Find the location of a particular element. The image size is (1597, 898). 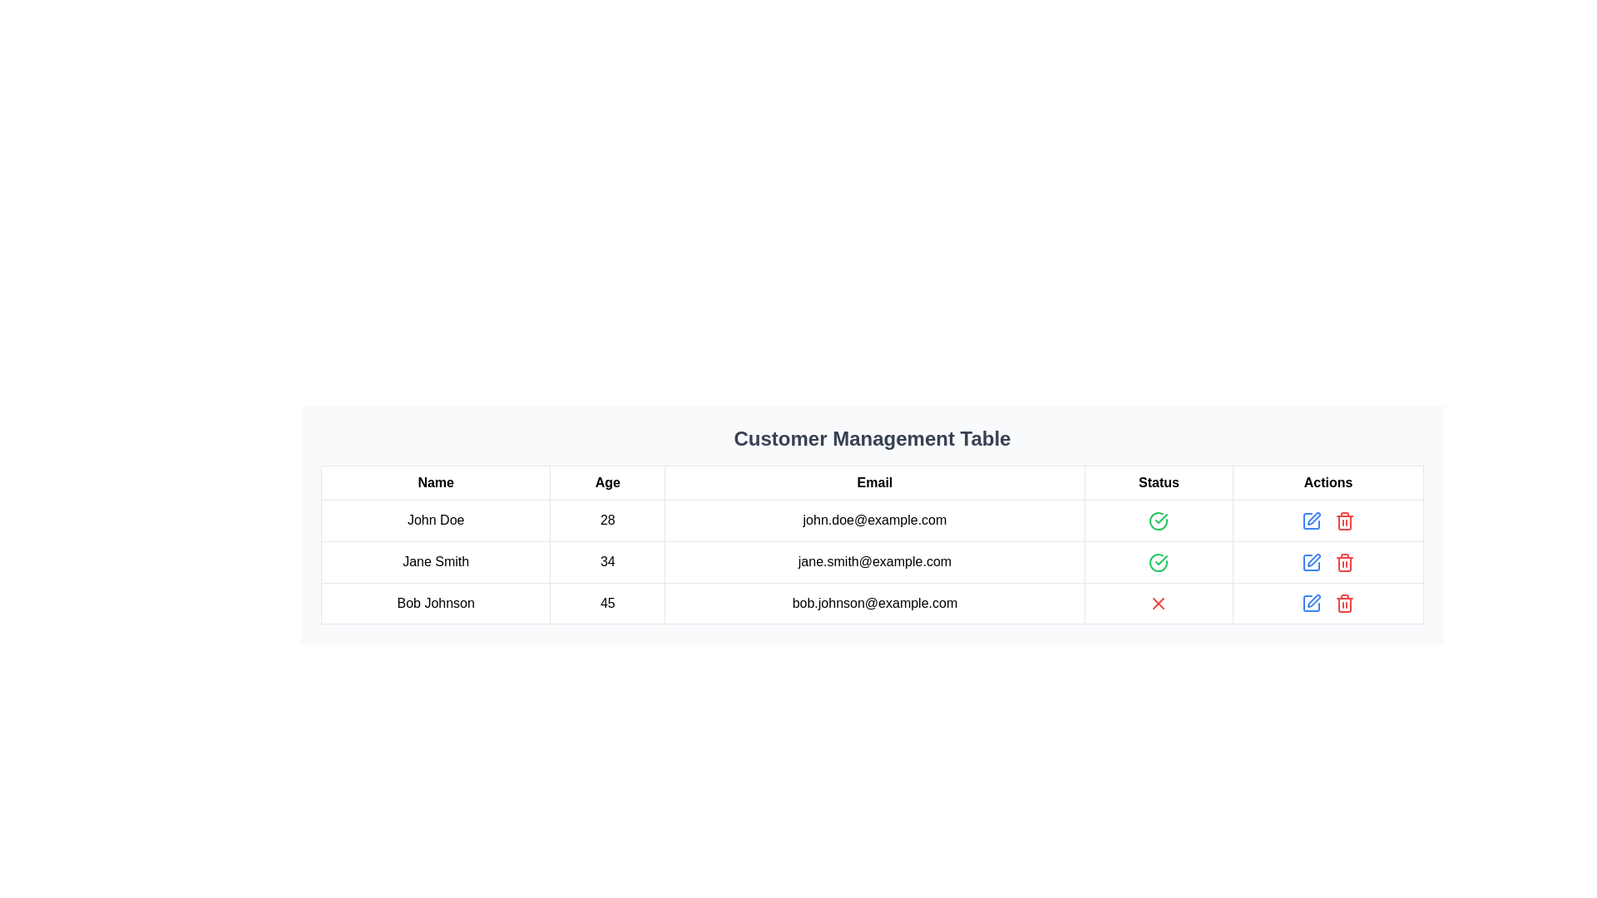

the appearance of the 'Confirmed' or 'Active' status icon for user John Doe located in the 'Status' column of the first row in the Customer Management Table is located at coordinates (1158, 520).